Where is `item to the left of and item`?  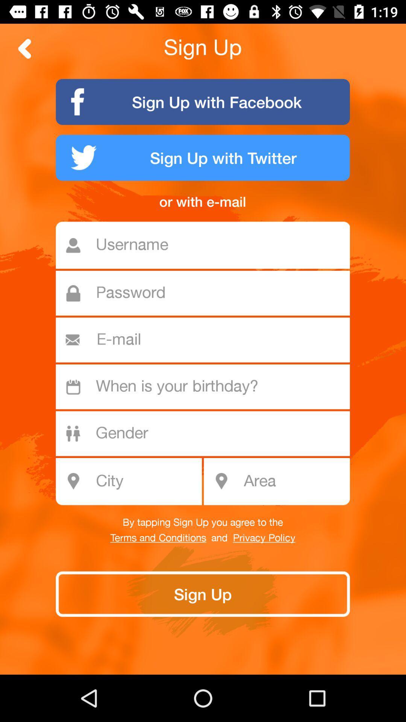
item to the left of and item is located at coordinates (158, 538).